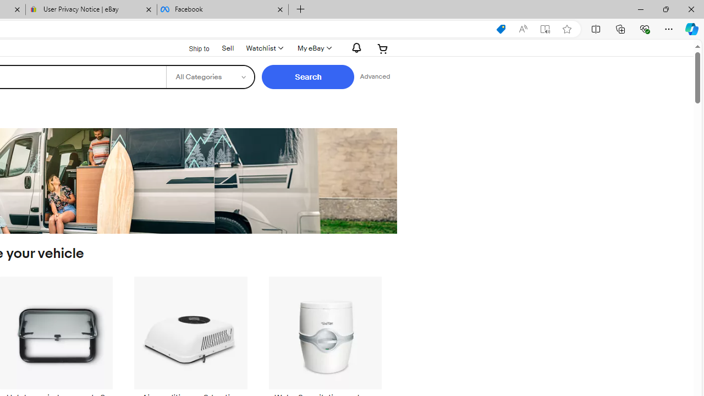 The width and height of the screenshot is (704, 396). I want to click on 'Sell', so click(227, 47).